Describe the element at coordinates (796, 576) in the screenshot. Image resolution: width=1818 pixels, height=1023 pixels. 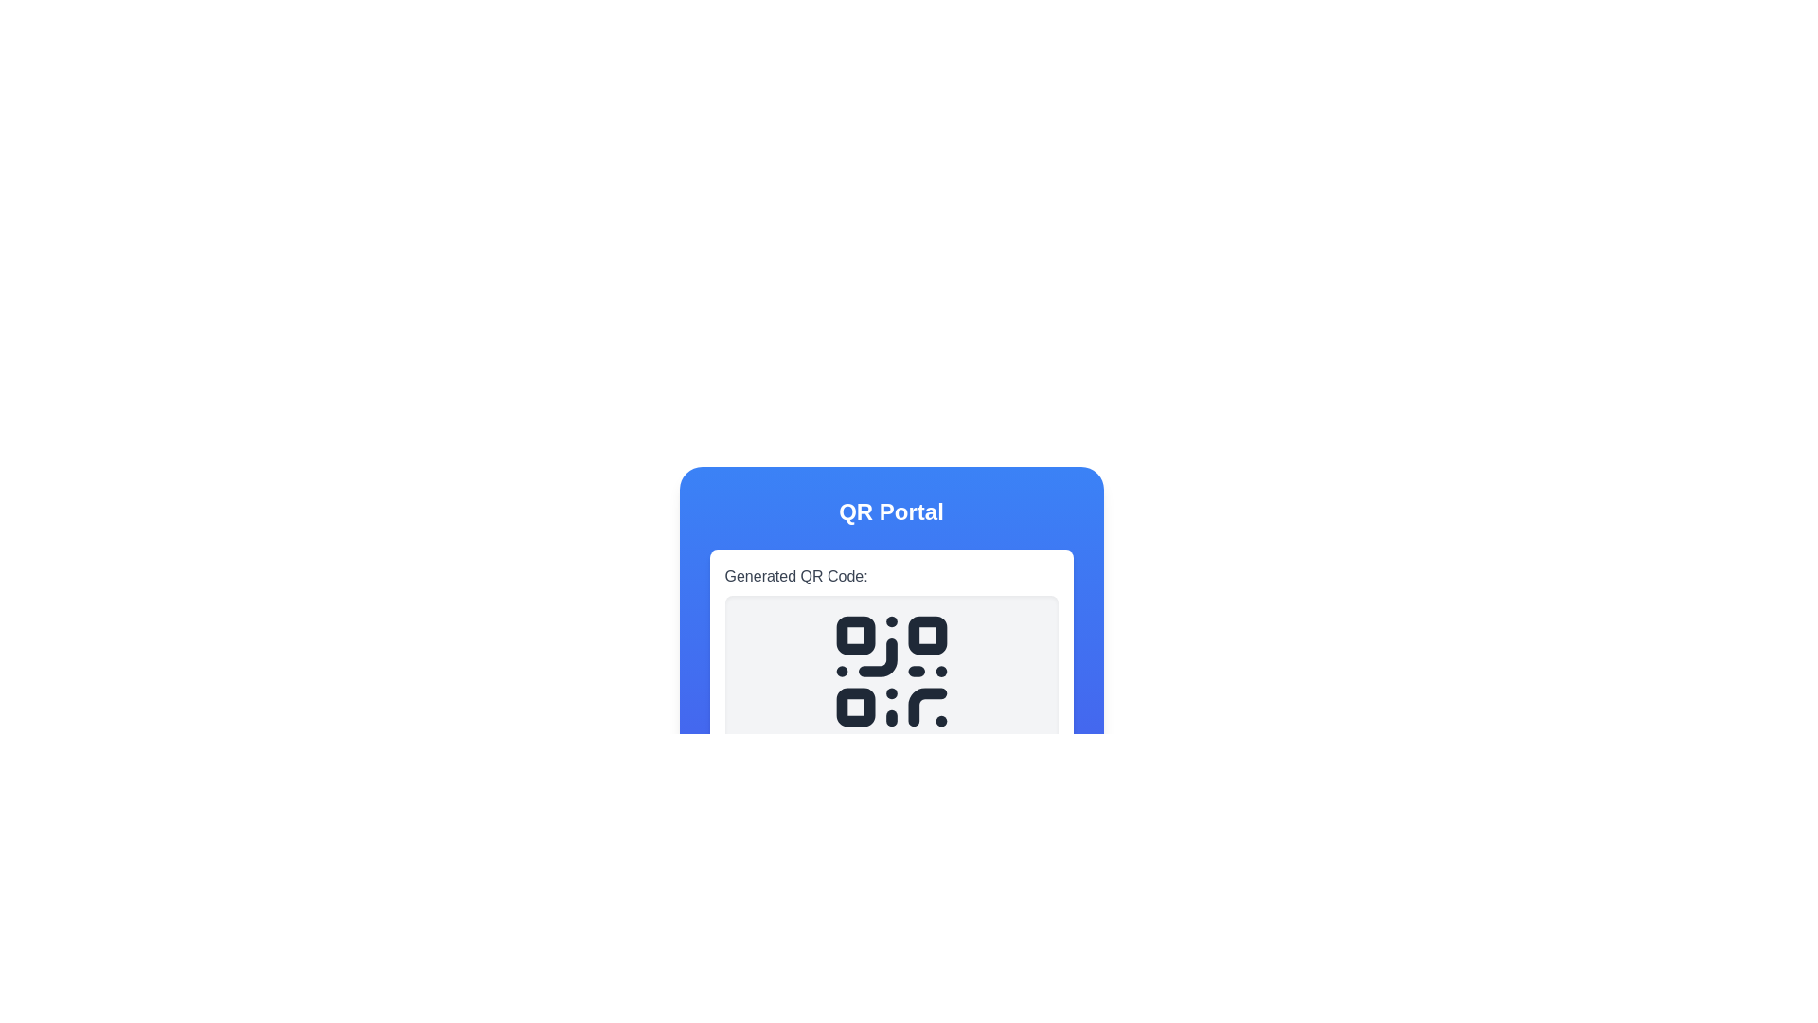
I see `the label displaying 'Generated QR Code:' which is centrally aligned and positioned above the QR code image` at that location.